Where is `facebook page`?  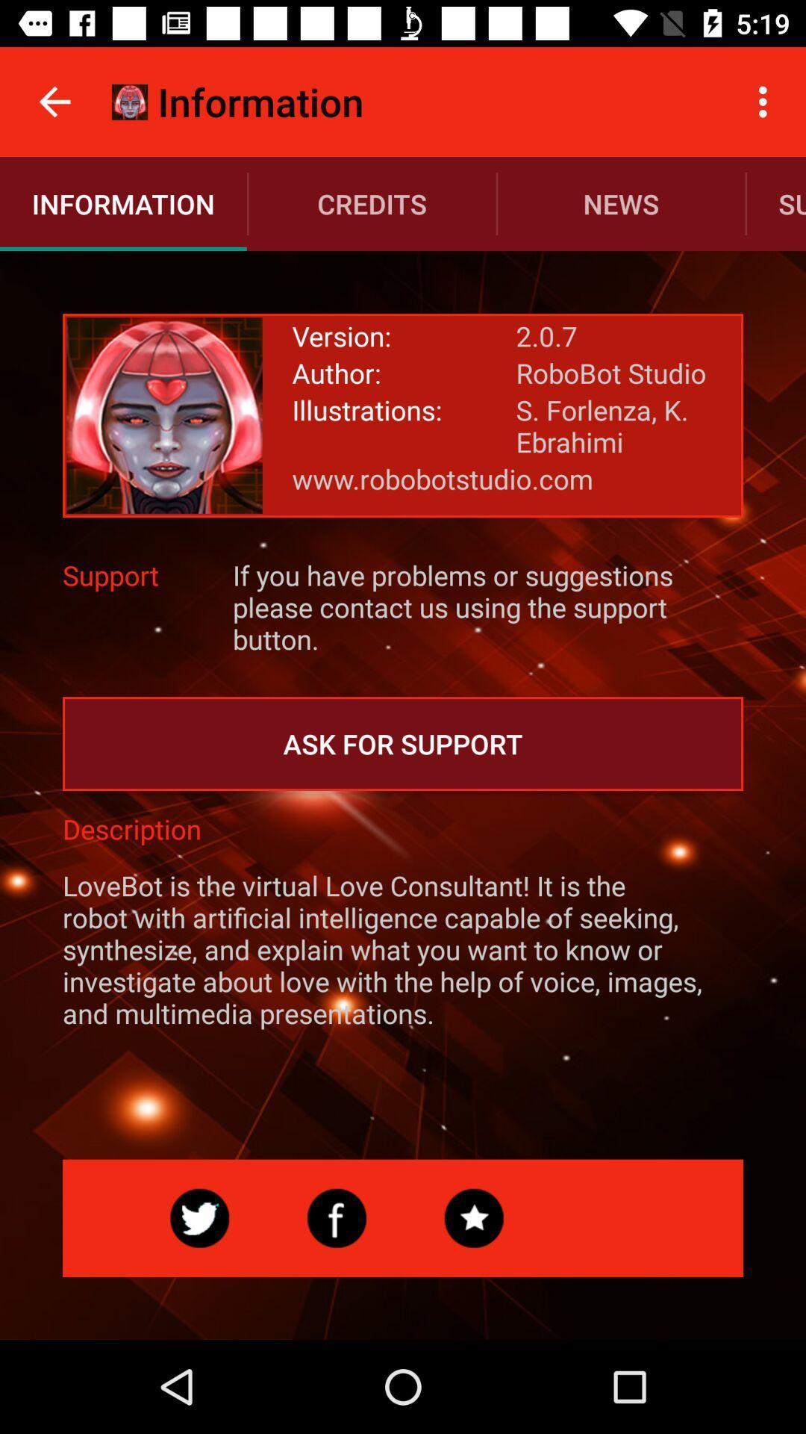 facebook page is located at coordinates (337, 1218).